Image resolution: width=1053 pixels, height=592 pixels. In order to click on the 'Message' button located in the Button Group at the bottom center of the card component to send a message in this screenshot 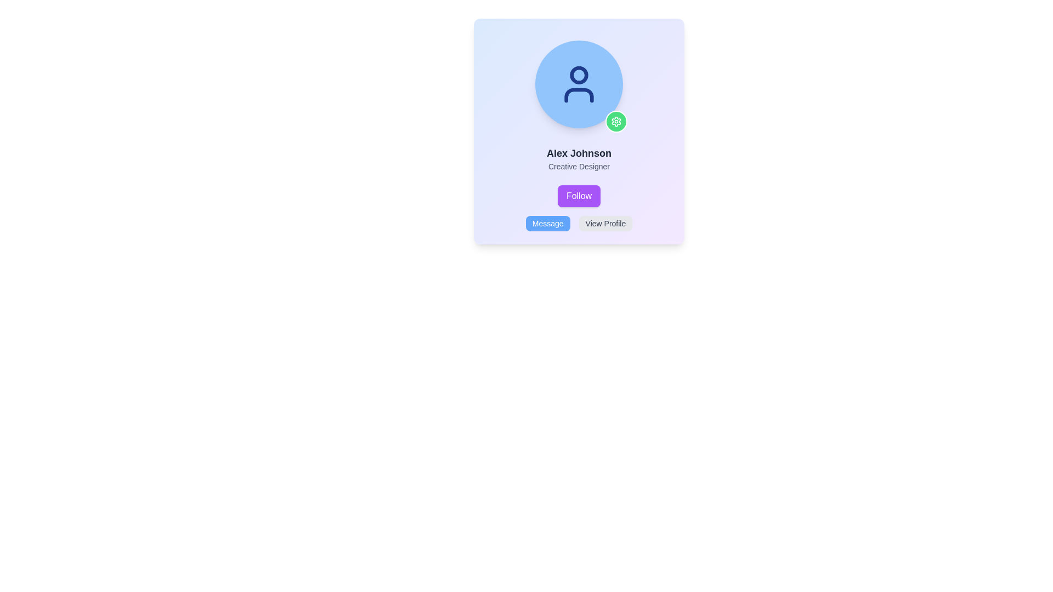, I will do `click(579, 223)`.